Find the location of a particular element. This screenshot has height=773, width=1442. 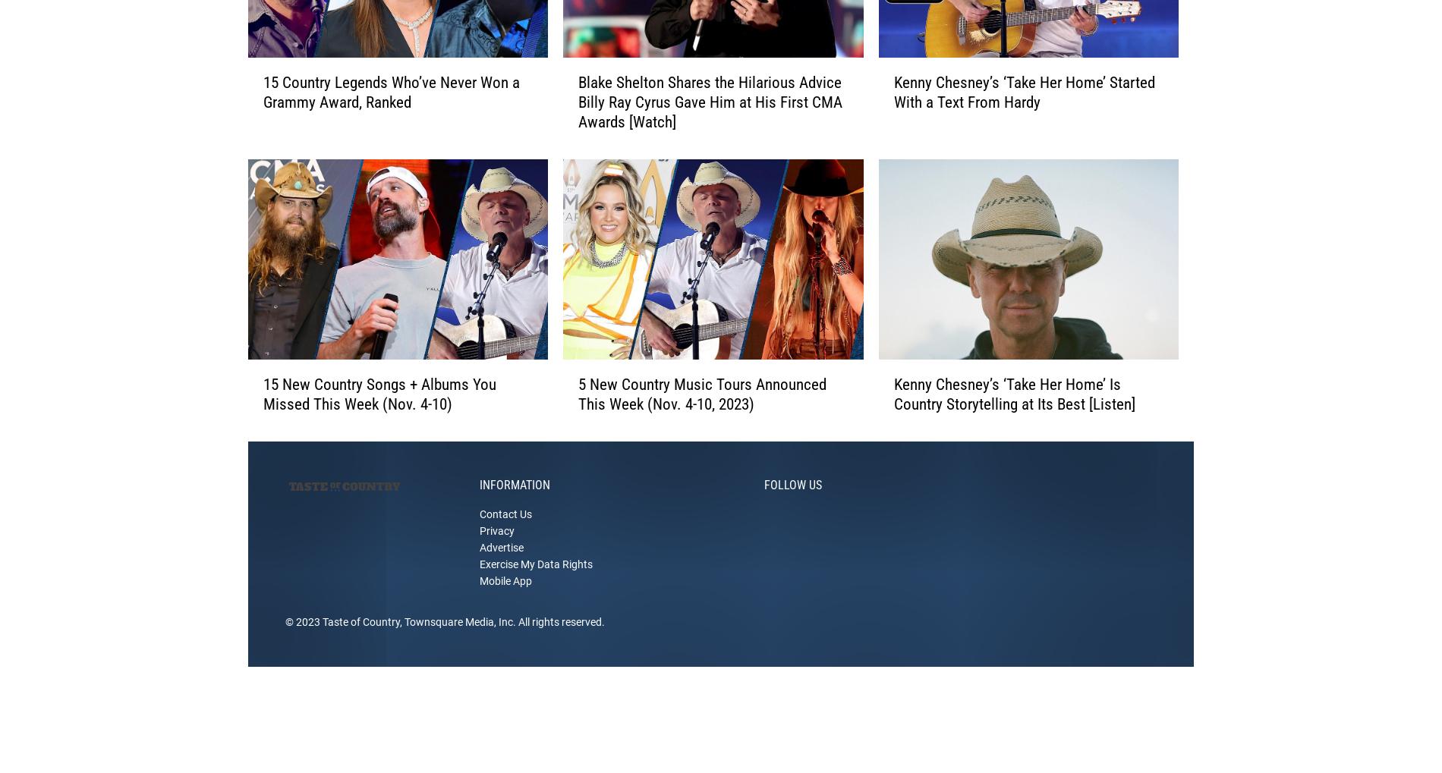

'Contact Us' is located at coordinates (505, 538).